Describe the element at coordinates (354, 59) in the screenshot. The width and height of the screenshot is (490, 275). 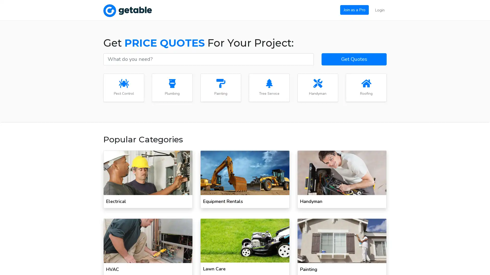
I see `Get Quotes` at that location.